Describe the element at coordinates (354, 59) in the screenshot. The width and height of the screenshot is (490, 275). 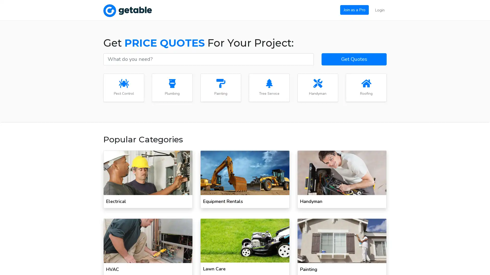
I see `Get Quotes` at that location.